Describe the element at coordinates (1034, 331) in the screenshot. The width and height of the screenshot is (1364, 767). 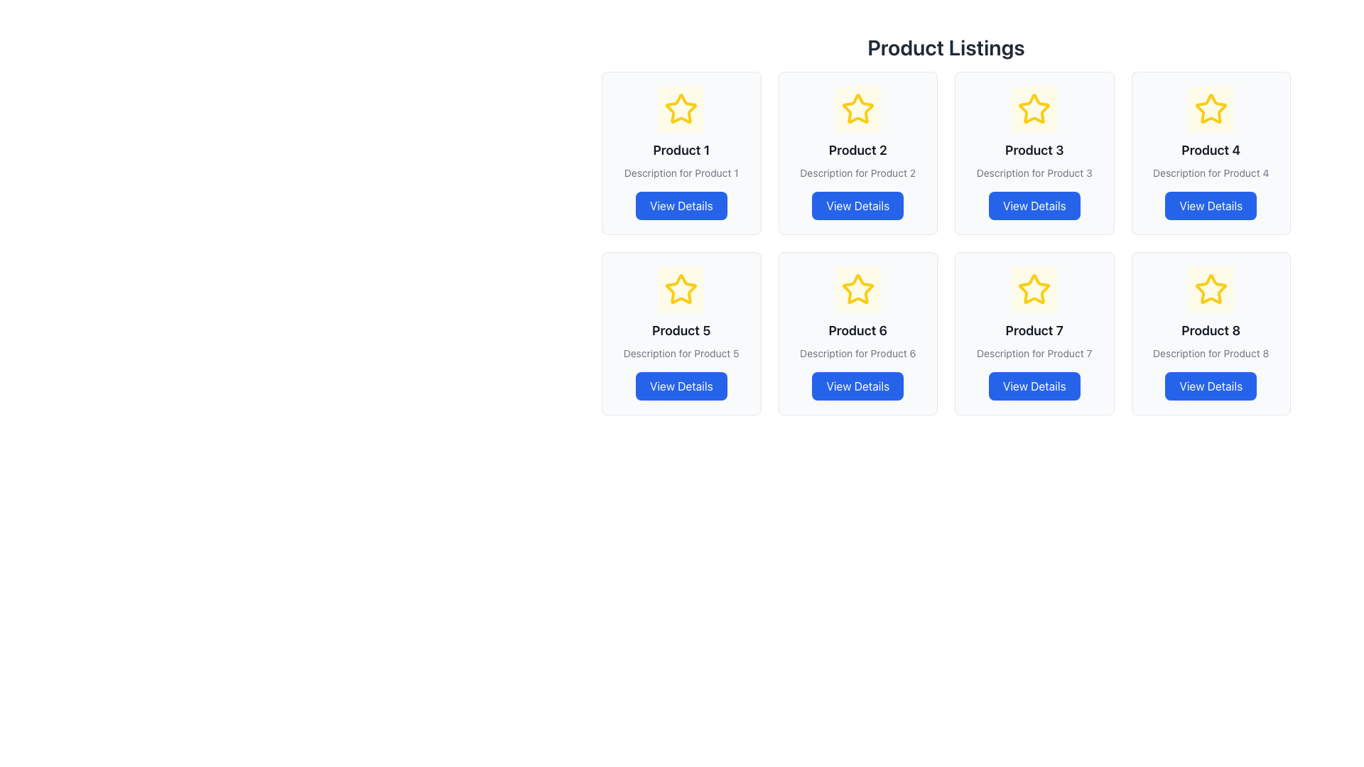
I see `text label that serves as a title for the product card located in the second row, third column of the grid` at that location.